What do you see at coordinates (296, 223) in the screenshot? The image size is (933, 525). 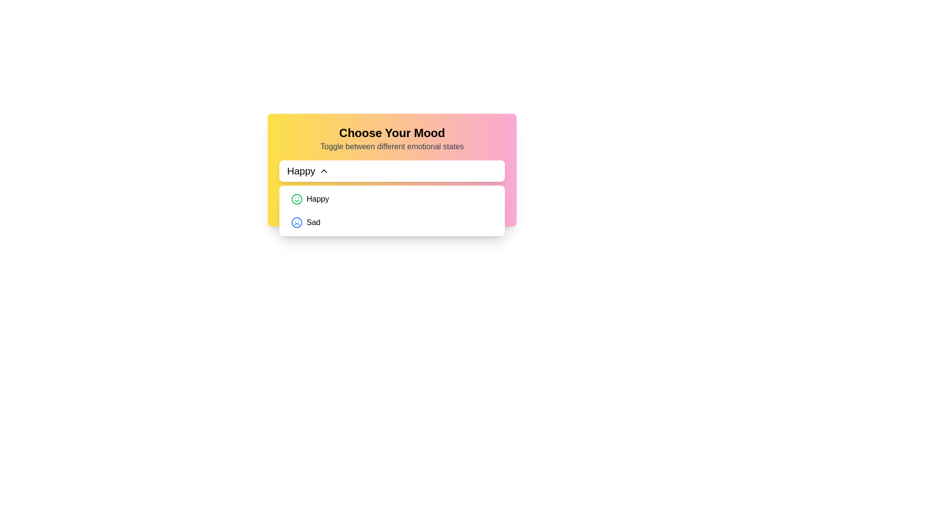 I see `the circular graphic element that represents the 'Sad' mood icon, which is centrally positioned below the 'Happy' mood icon in the interface` at bounding box center [296, 223].